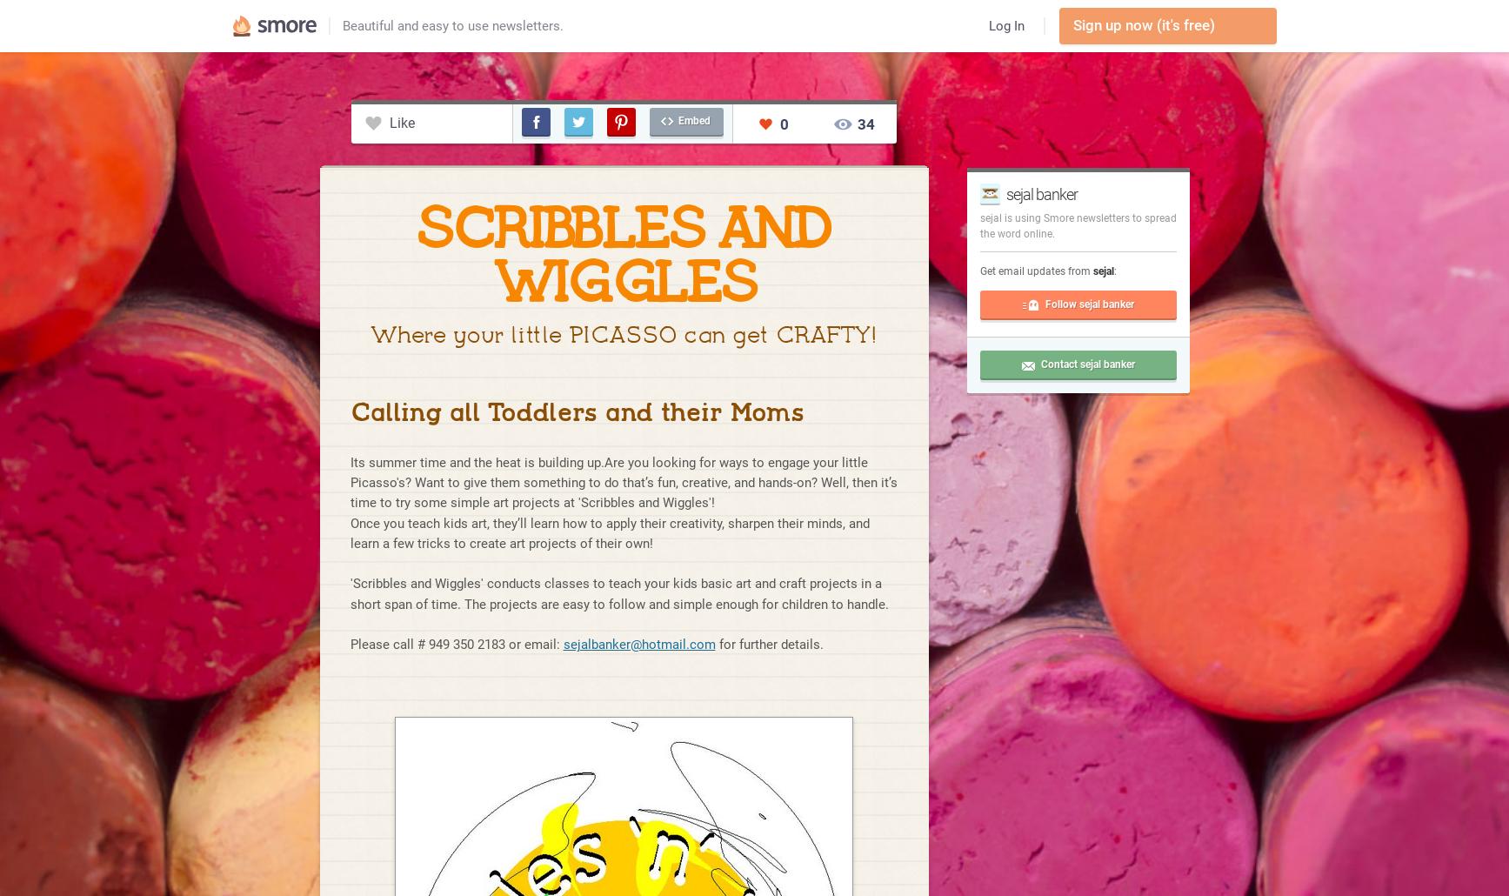 The width and height of the screenshot is (1509, 896). What do you see at coordinates (1035, 270) in the screenshot?
I see `'Get email updates from'` at bounding box center [1035, 270].